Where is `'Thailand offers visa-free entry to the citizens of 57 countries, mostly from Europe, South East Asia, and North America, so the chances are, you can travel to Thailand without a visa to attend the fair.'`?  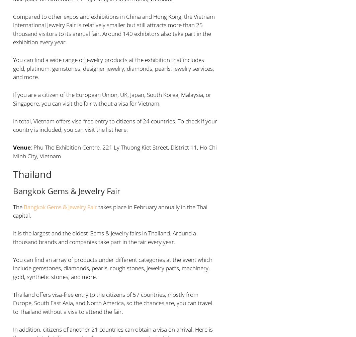 'Thailand offers visa-free entry to the citizens of 57 countries, mostly from Europe, South East Asia, and North America, so the chances are, you can travel to Thailand without a visa to attend the fair.' is located at coordinates (112, 302).